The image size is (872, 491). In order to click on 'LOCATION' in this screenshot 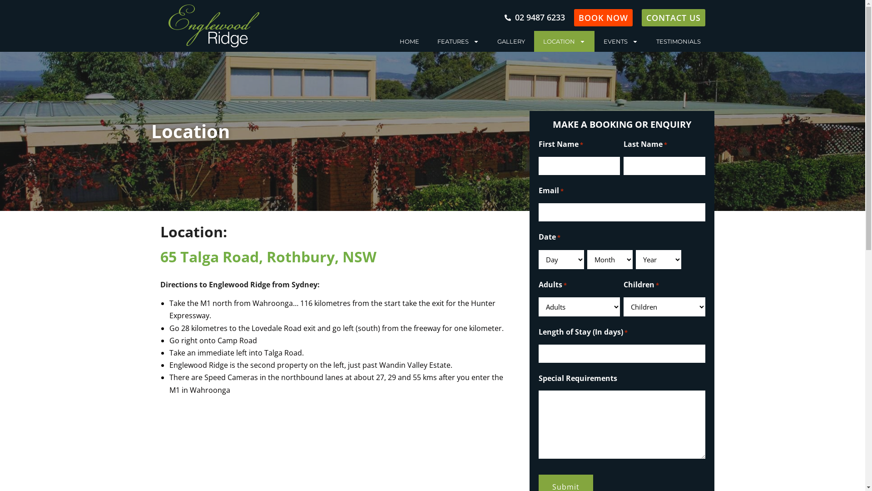, I will do `click(534, 41)`.